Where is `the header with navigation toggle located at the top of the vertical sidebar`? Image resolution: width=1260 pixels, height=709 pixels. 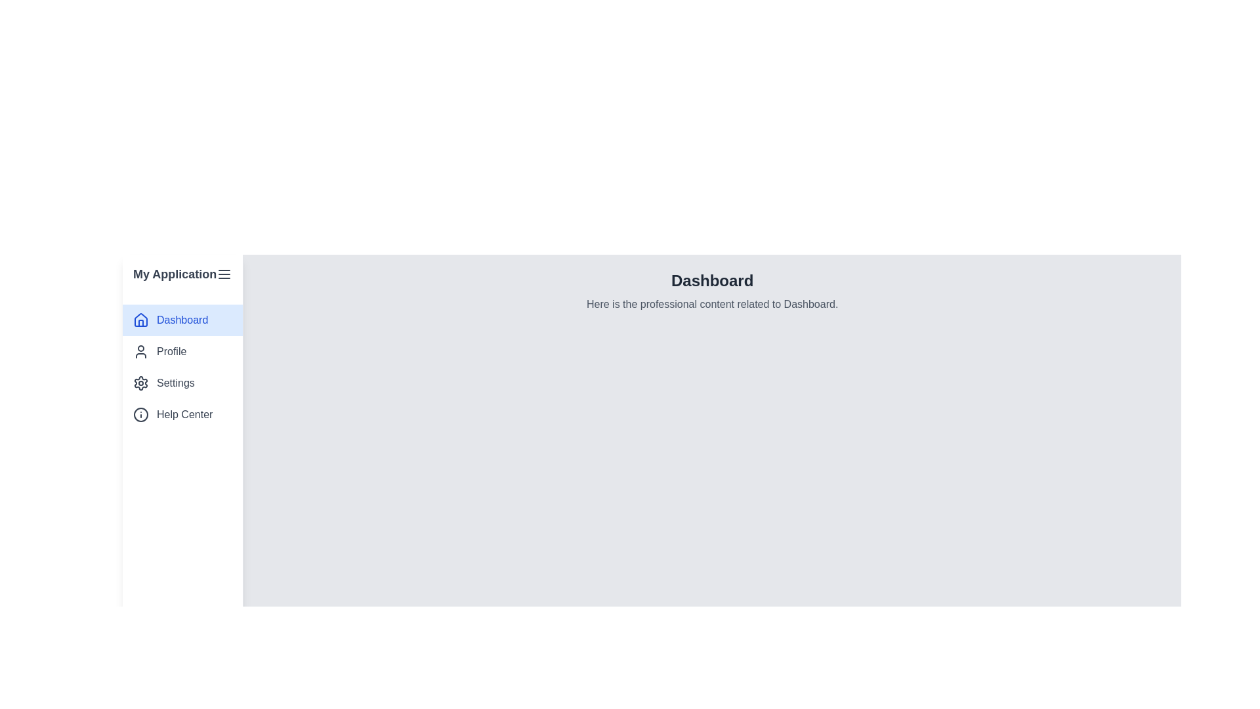
the header with navigation toggle located at the top of the vertical sidebar is located at coordinates (182, 273).